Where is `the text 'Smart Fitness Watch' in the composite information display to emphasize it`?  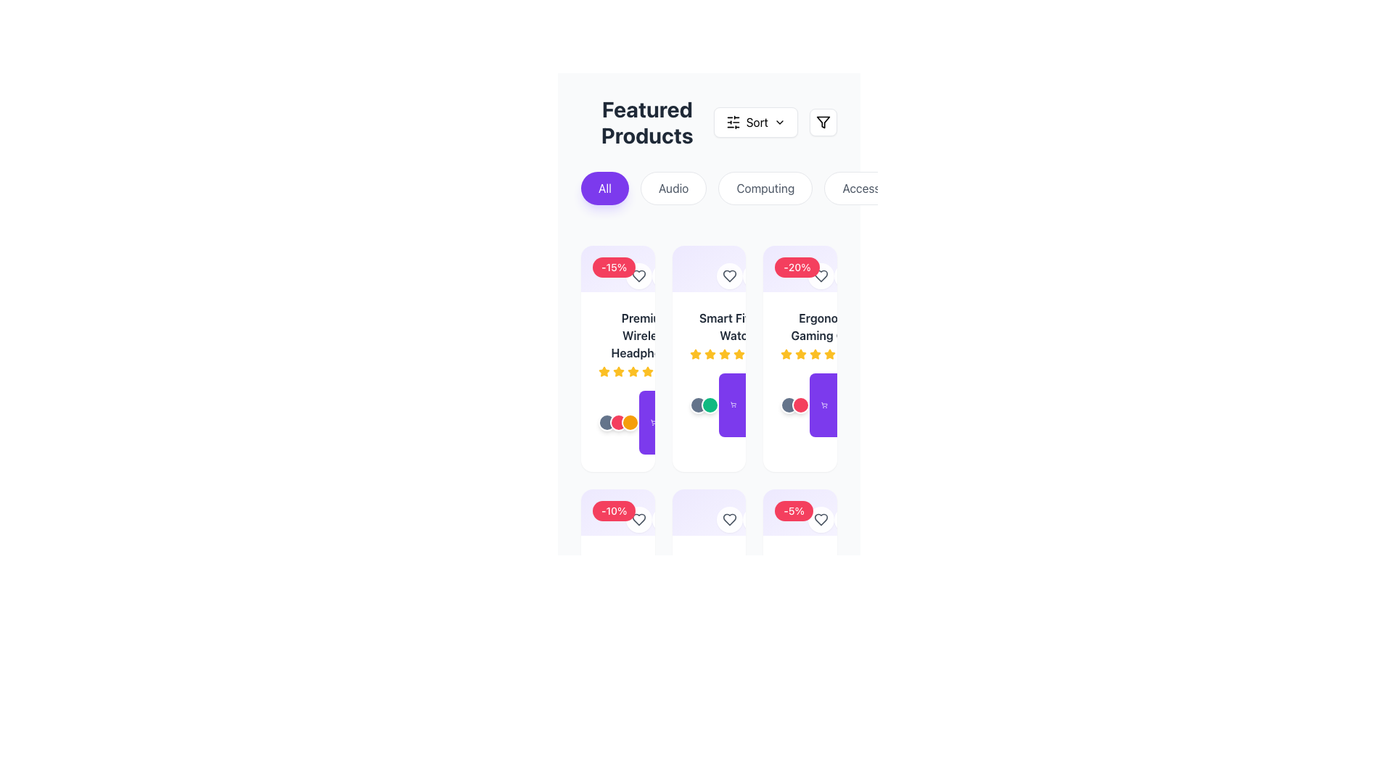 the text 'Smart Fitness Watch' in the composite information display to emphasize it is located at coordinates (737, 335).